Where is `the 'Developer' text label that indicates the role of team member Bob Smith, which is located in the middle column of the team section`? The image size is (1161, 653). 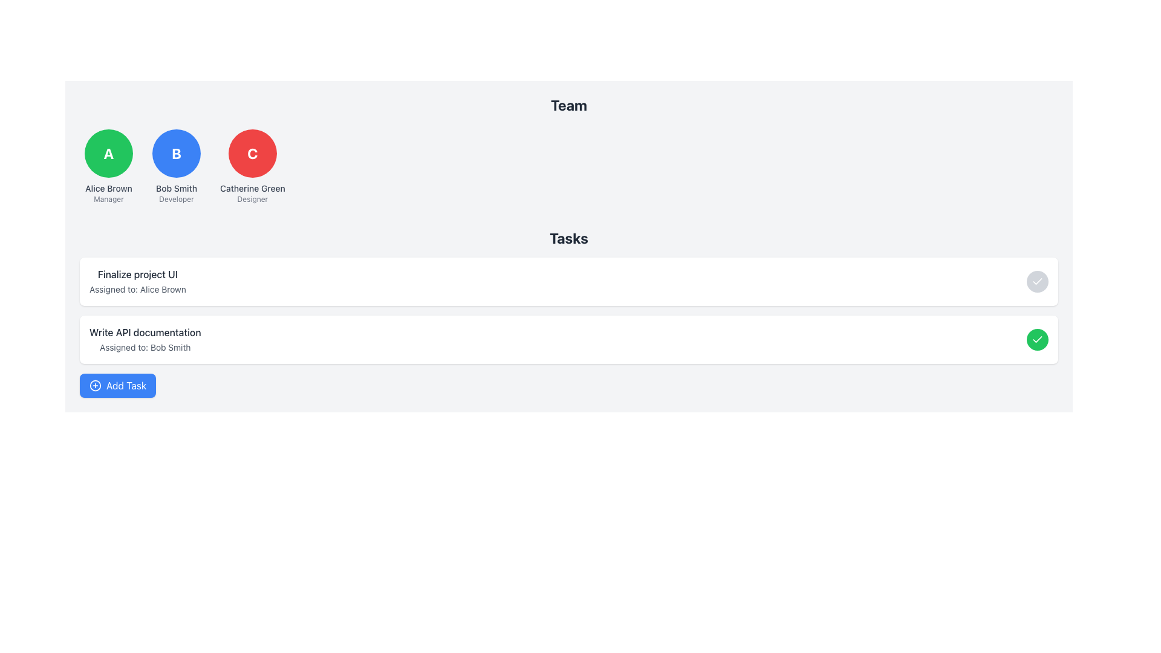
the 'Developer' text label that indicates the role of team member Bob Smith, which is located in the middle column of the team section is located at coordinates (176, 199).